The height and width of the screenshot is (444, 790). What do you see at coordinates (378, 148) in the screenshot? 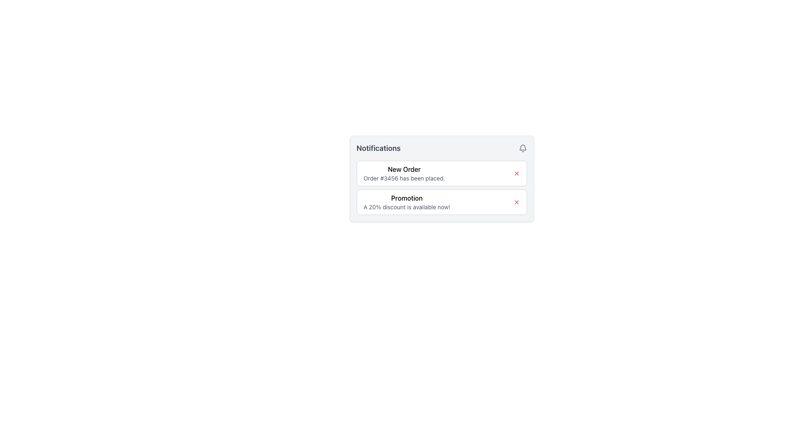
I see `the prominent text label displaying 'Notifications' in bold and large font, located at the top-left corner of the notification panel` at bounding box center [378, 148].